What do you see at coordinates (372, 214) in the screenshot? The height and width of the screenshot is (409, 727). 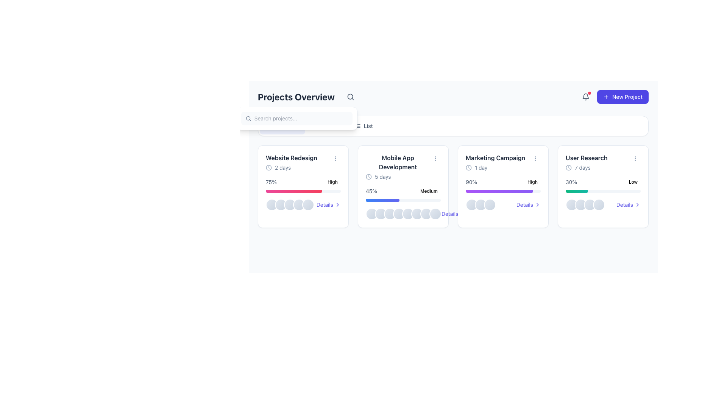 I see `the leftmost circular status indicator, which has a gradient background and a white border, located in the lower central section of the 'Mobile App Development' card` at bounding box center [372, 214].